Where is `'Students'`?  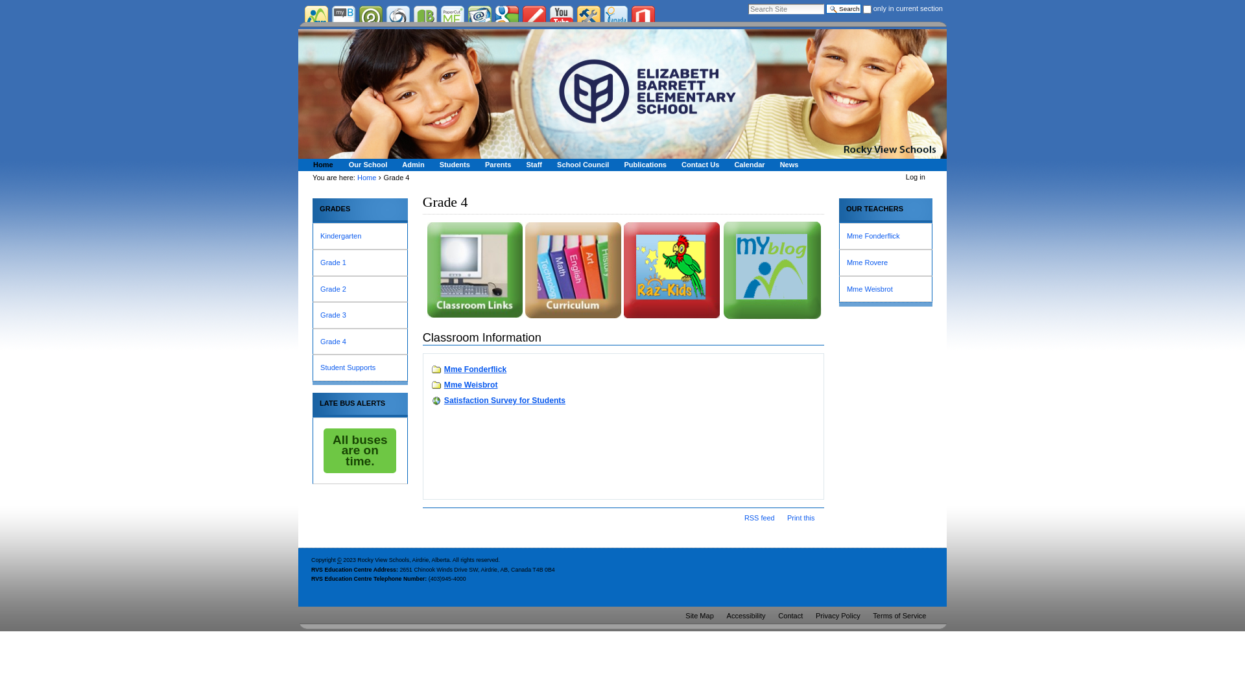
'Students' is located at coordinates (453, 164).